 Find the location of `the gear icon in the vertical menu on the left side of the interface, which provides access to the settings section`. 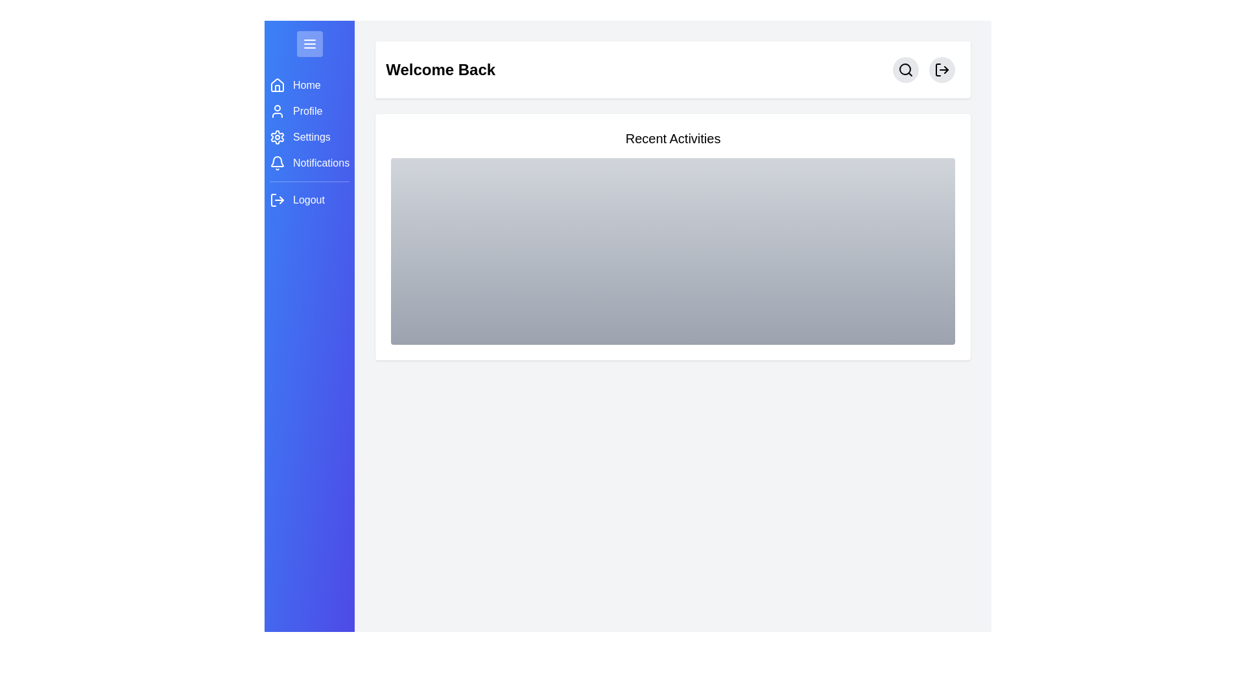

the gear icon in the vertical menu on the left side of the interface, which provides access to the settings section is located at coordinates (276, 137).